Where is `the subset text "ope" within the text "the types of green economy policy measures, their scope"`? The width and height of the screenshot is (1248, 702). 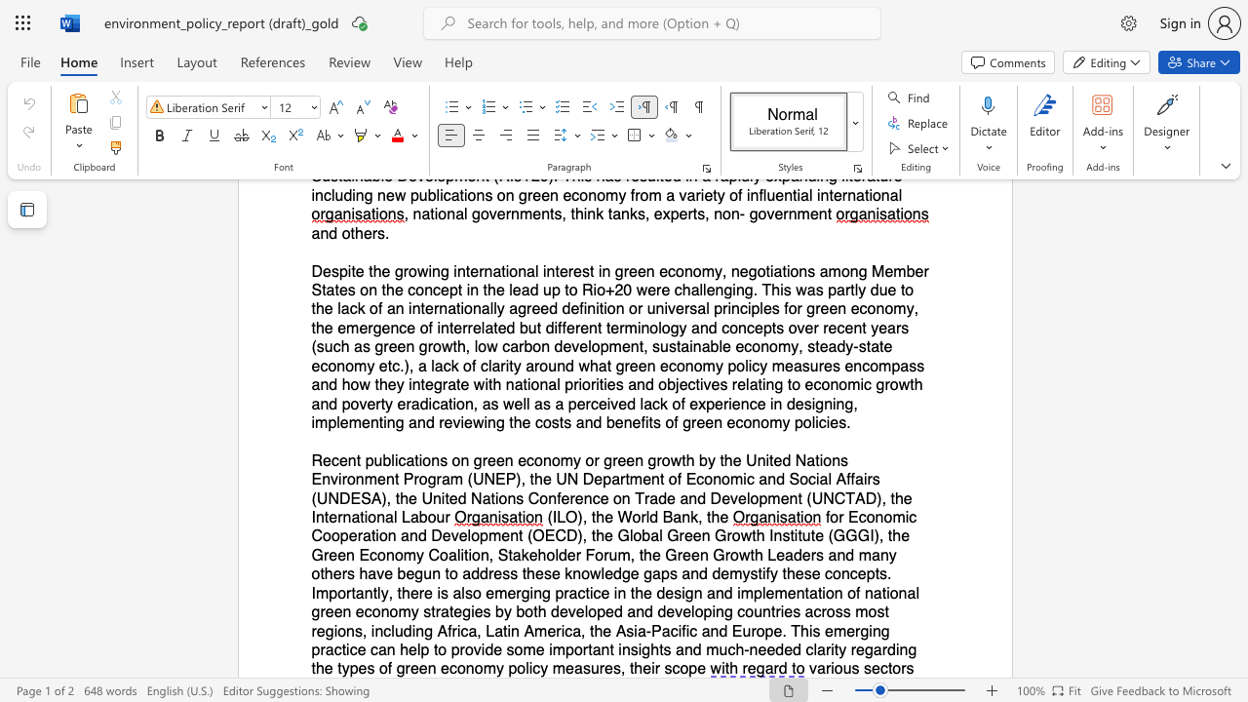 the subset text "ope" within the text "the types of green economy policy measures, their scope" is located at coordinates (680, 668).